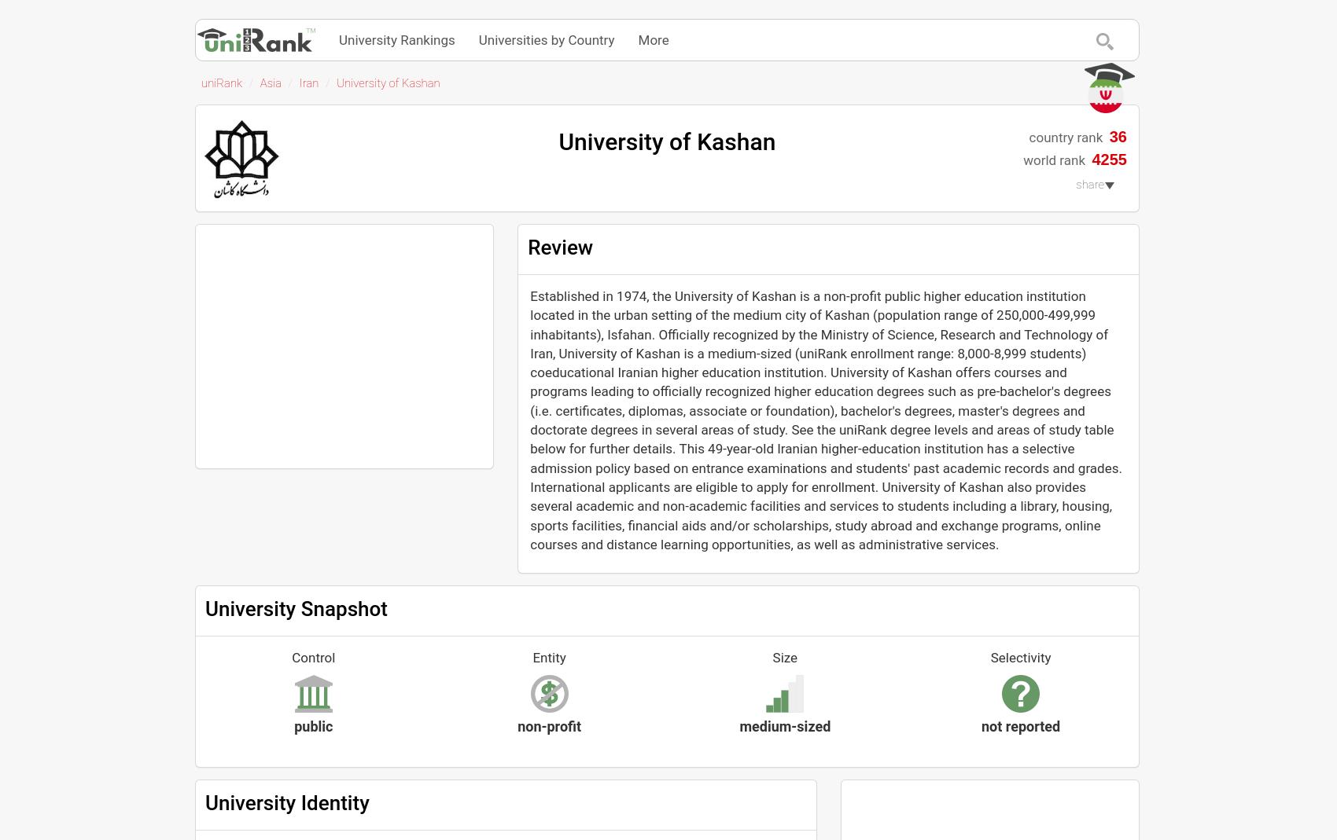  I want to click on 'University Identity', so click(285, 802).